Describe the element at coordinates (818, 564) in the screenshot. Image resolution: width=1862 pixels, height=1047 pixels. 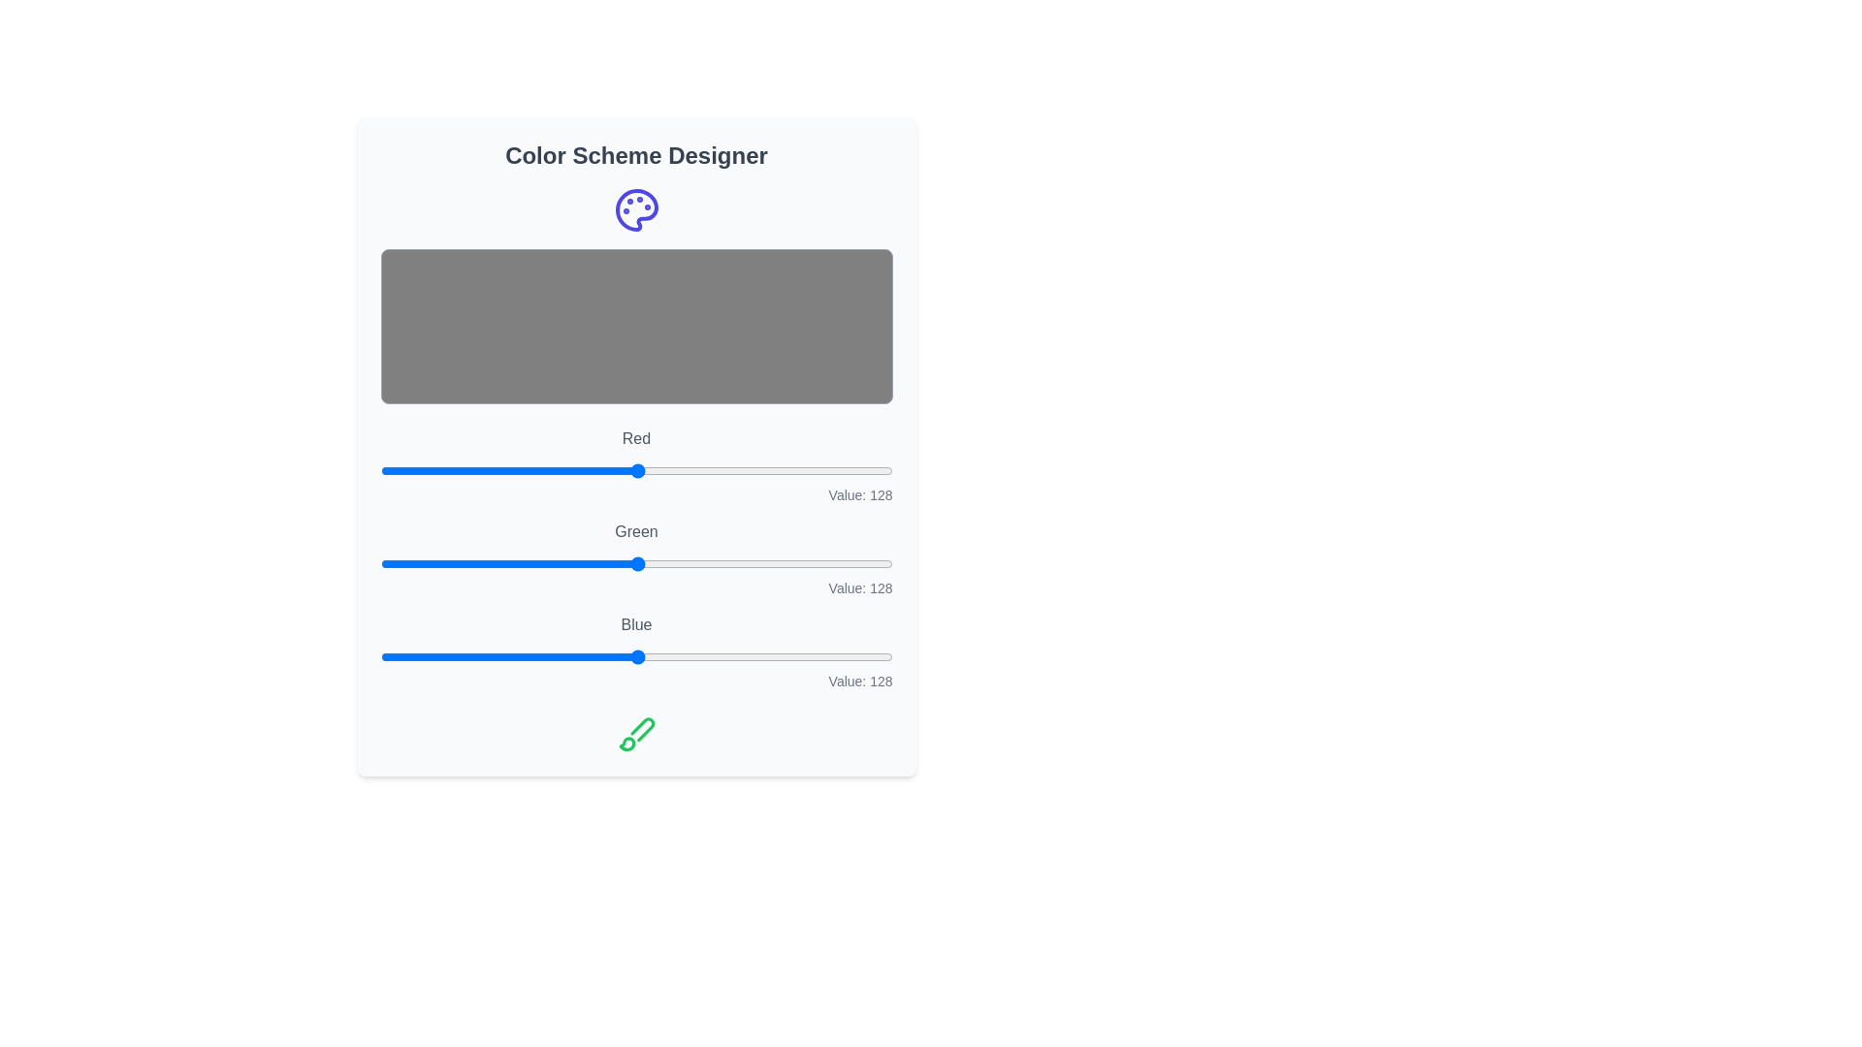
I see `the green color value` at that location.